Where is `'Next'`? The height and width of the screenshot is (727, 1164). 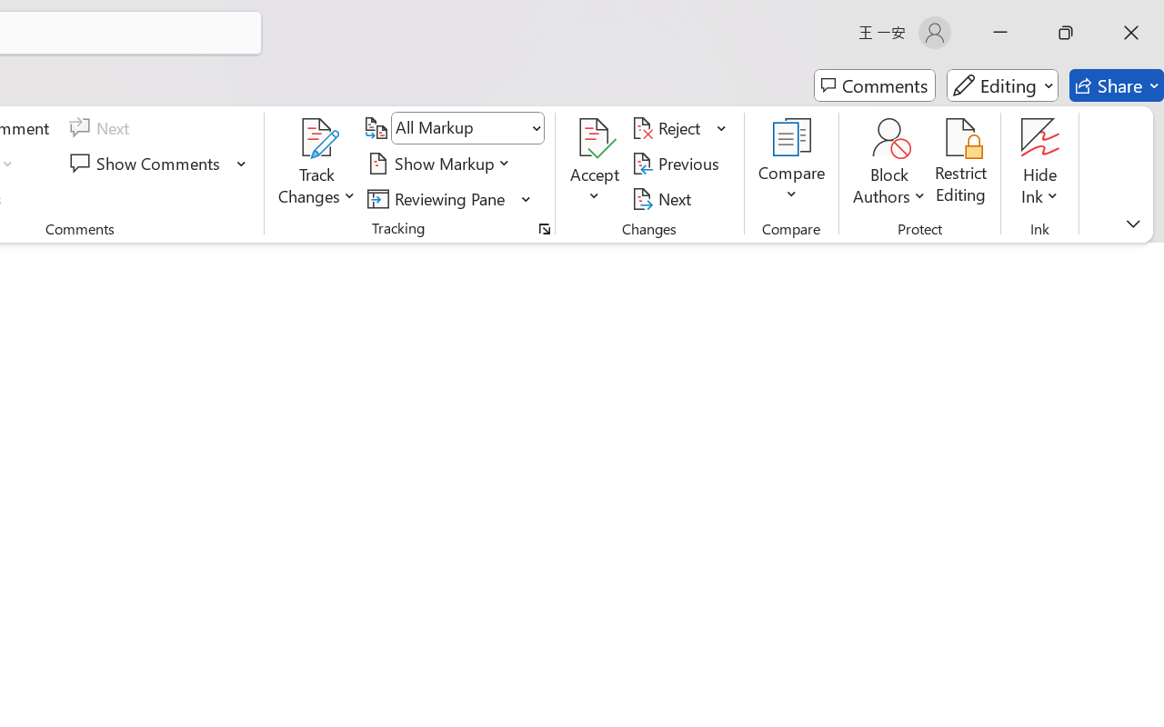
'Next' is located at coordinates (663, 198).